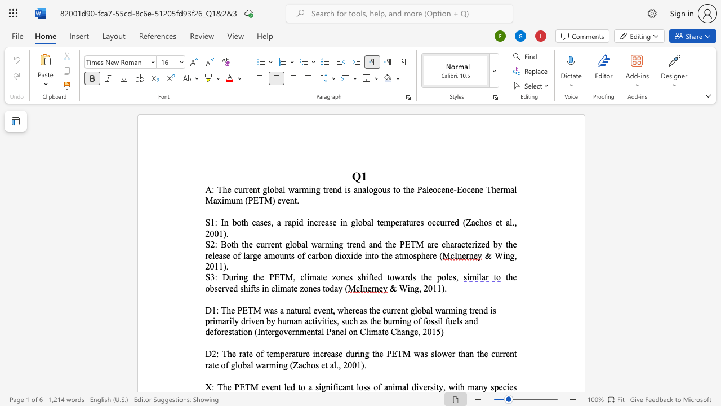  I want to click on the 2th character "d" in the text, so click(457, 222).